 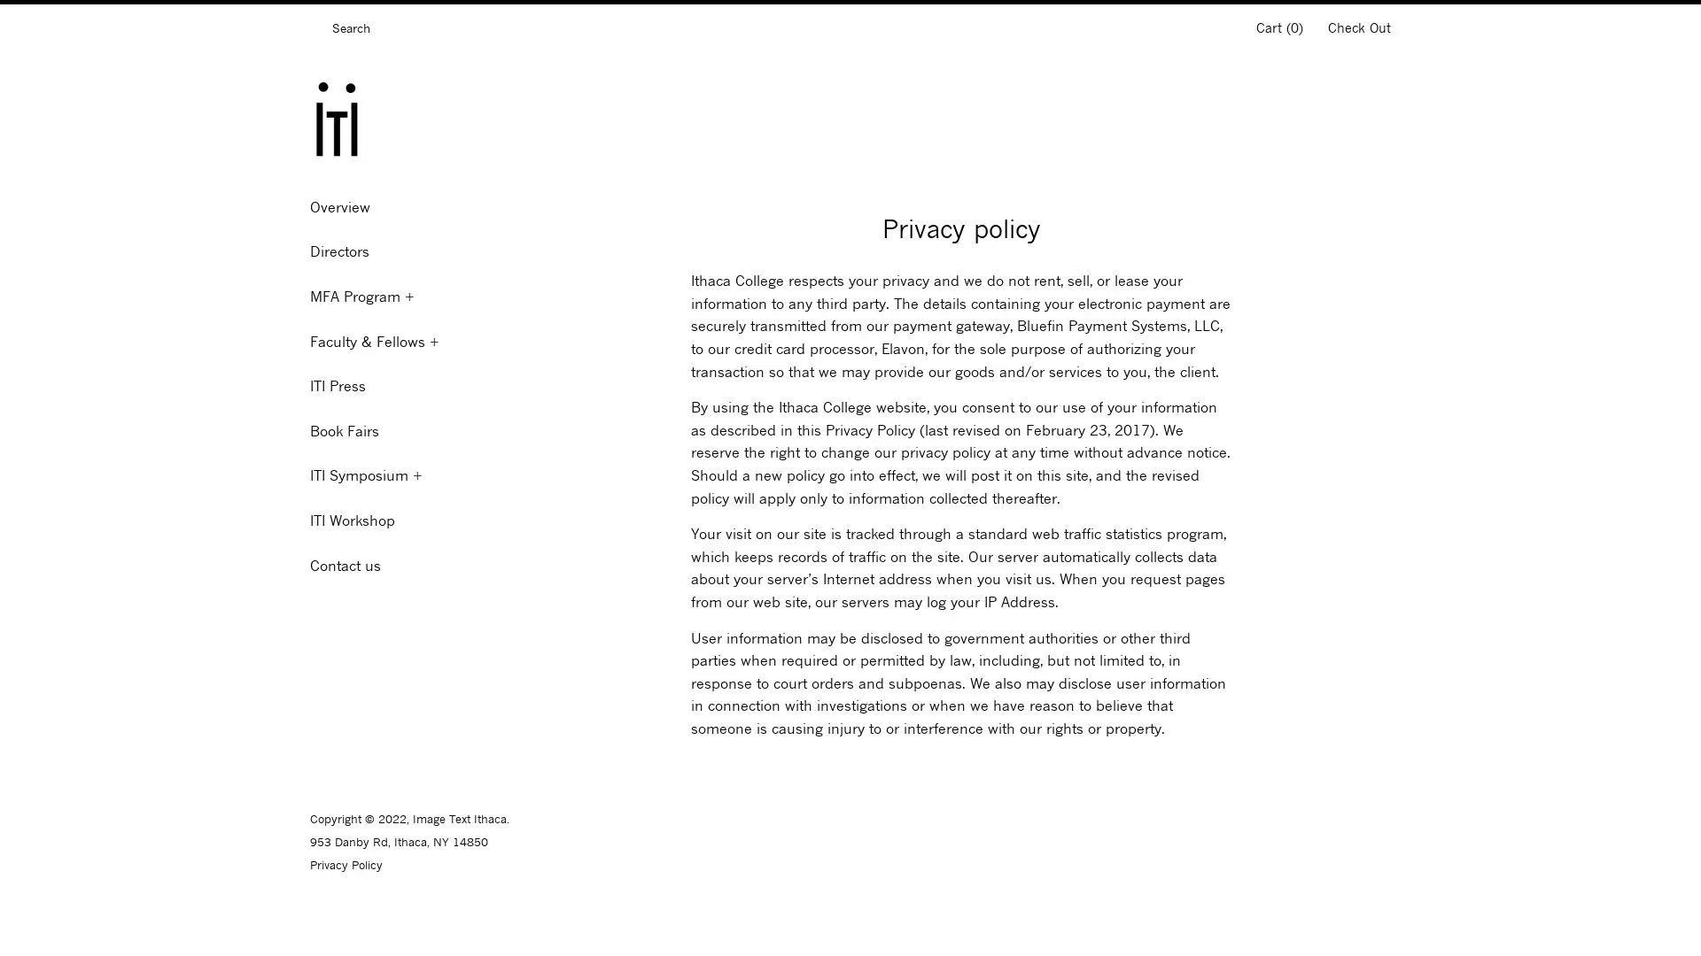 I want to click on Search, so click(x=315, y=31).